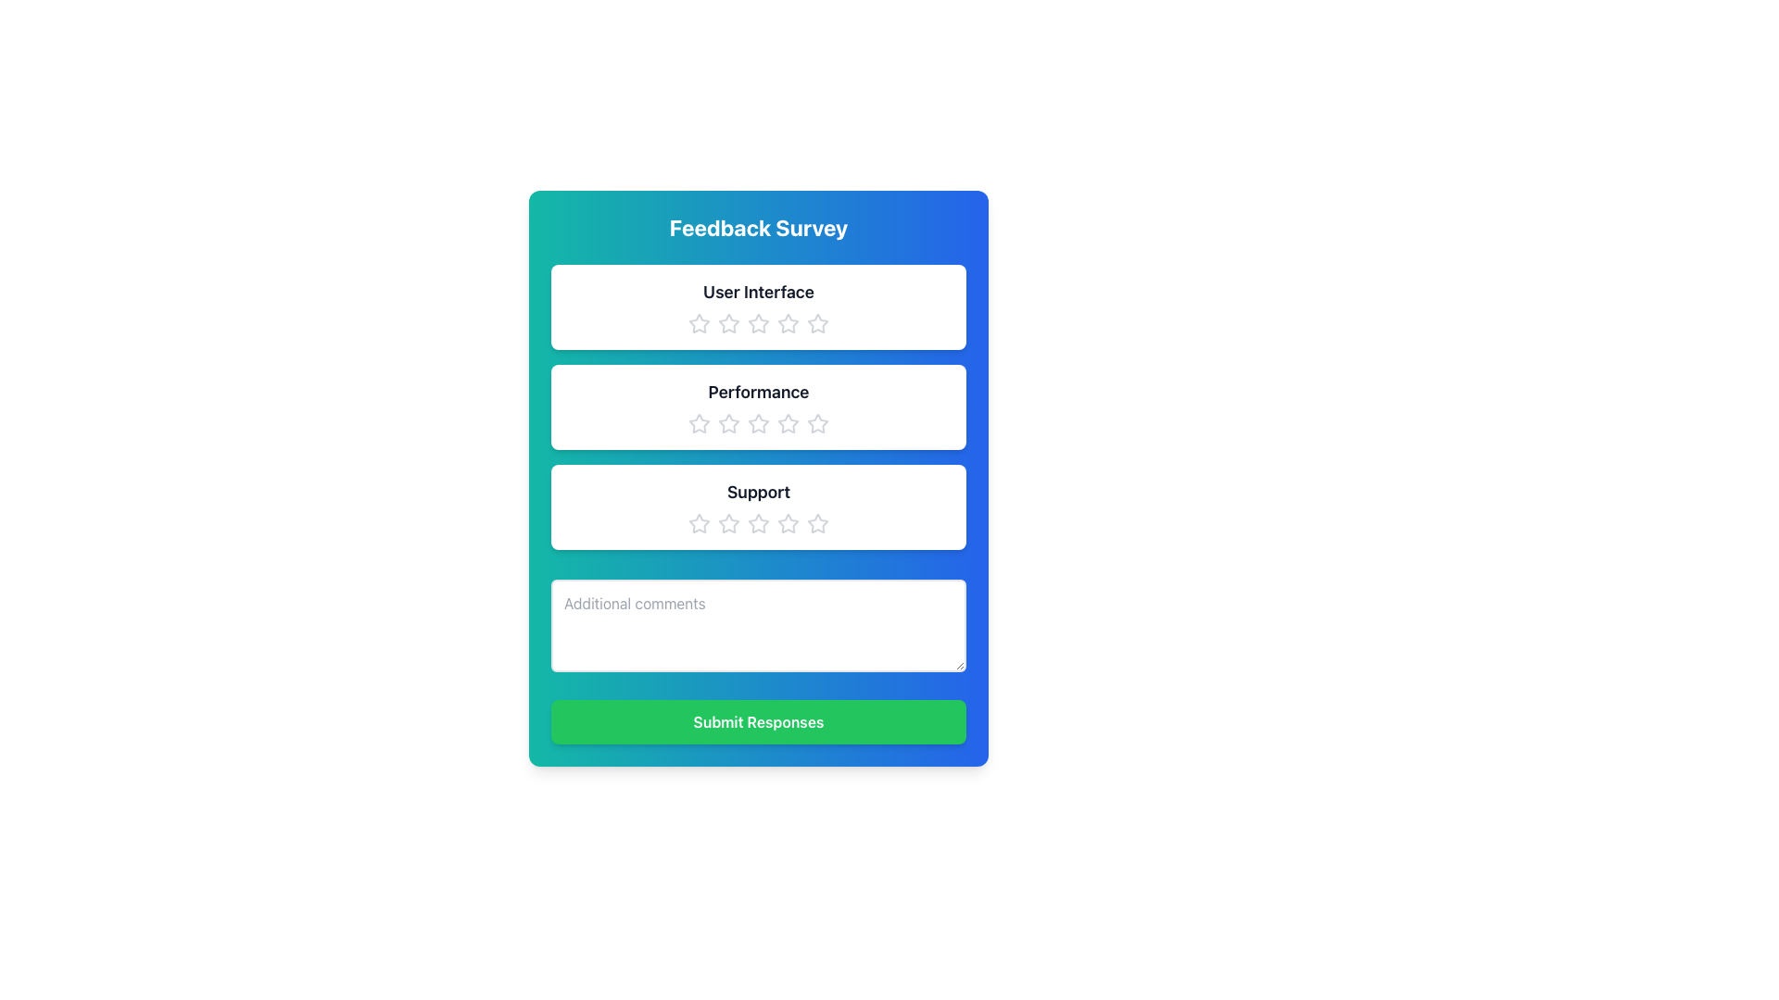 The width and height of the screenshot is (1779, 1000). What do you see at coordinates (759, 323) in the screenshot?
I see `the central star in the five-star rating component` at bounding box center [759, 323].